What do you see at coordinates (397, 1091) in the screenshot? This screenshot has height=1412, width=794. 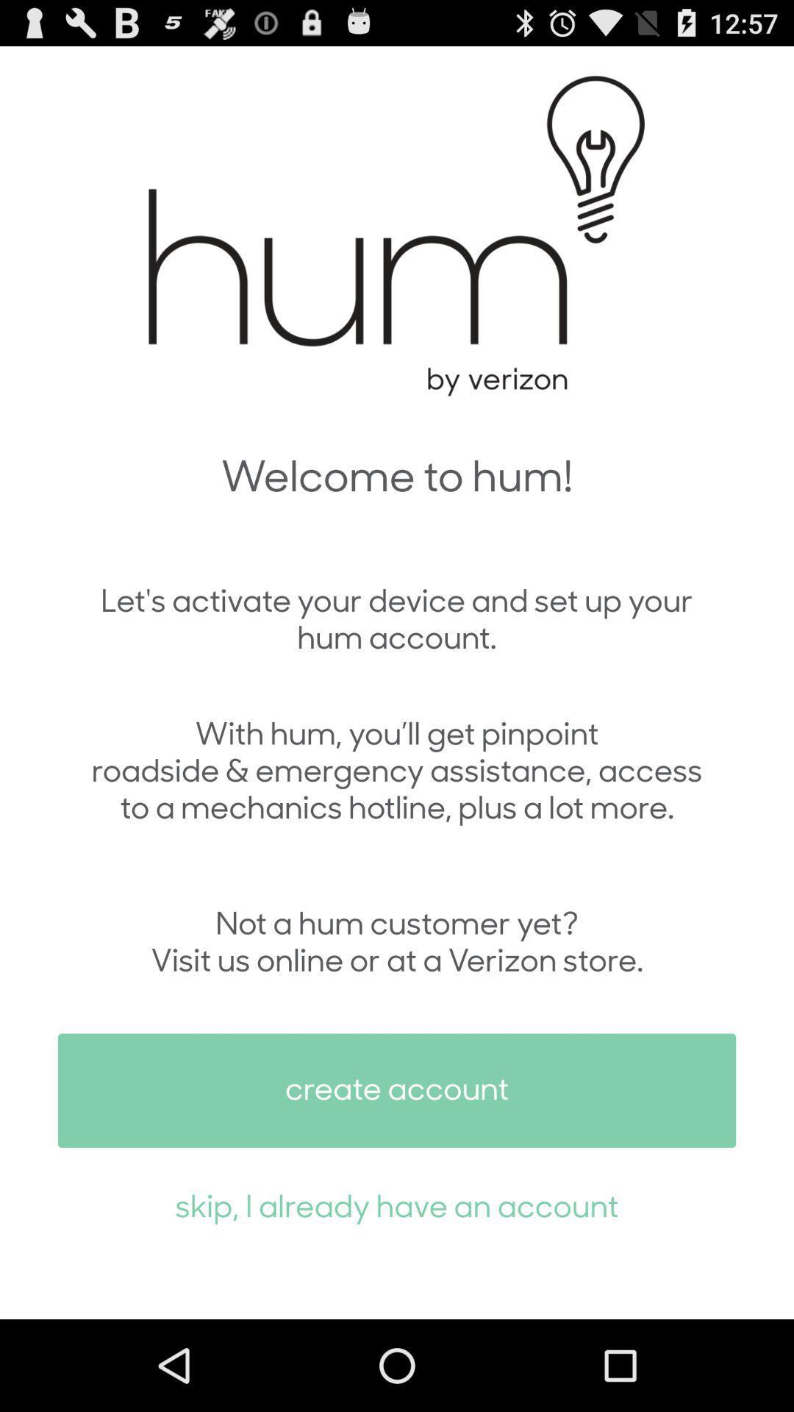 I see `item above skip i already item` at bounding box center [397, 1091].